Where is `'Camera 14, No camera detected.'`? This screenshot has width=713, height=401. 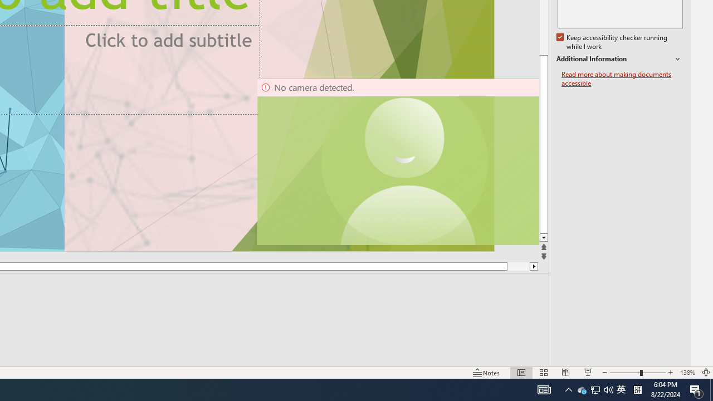
'Camera 14, No camera detected.' is located at coordinates (397, 162).